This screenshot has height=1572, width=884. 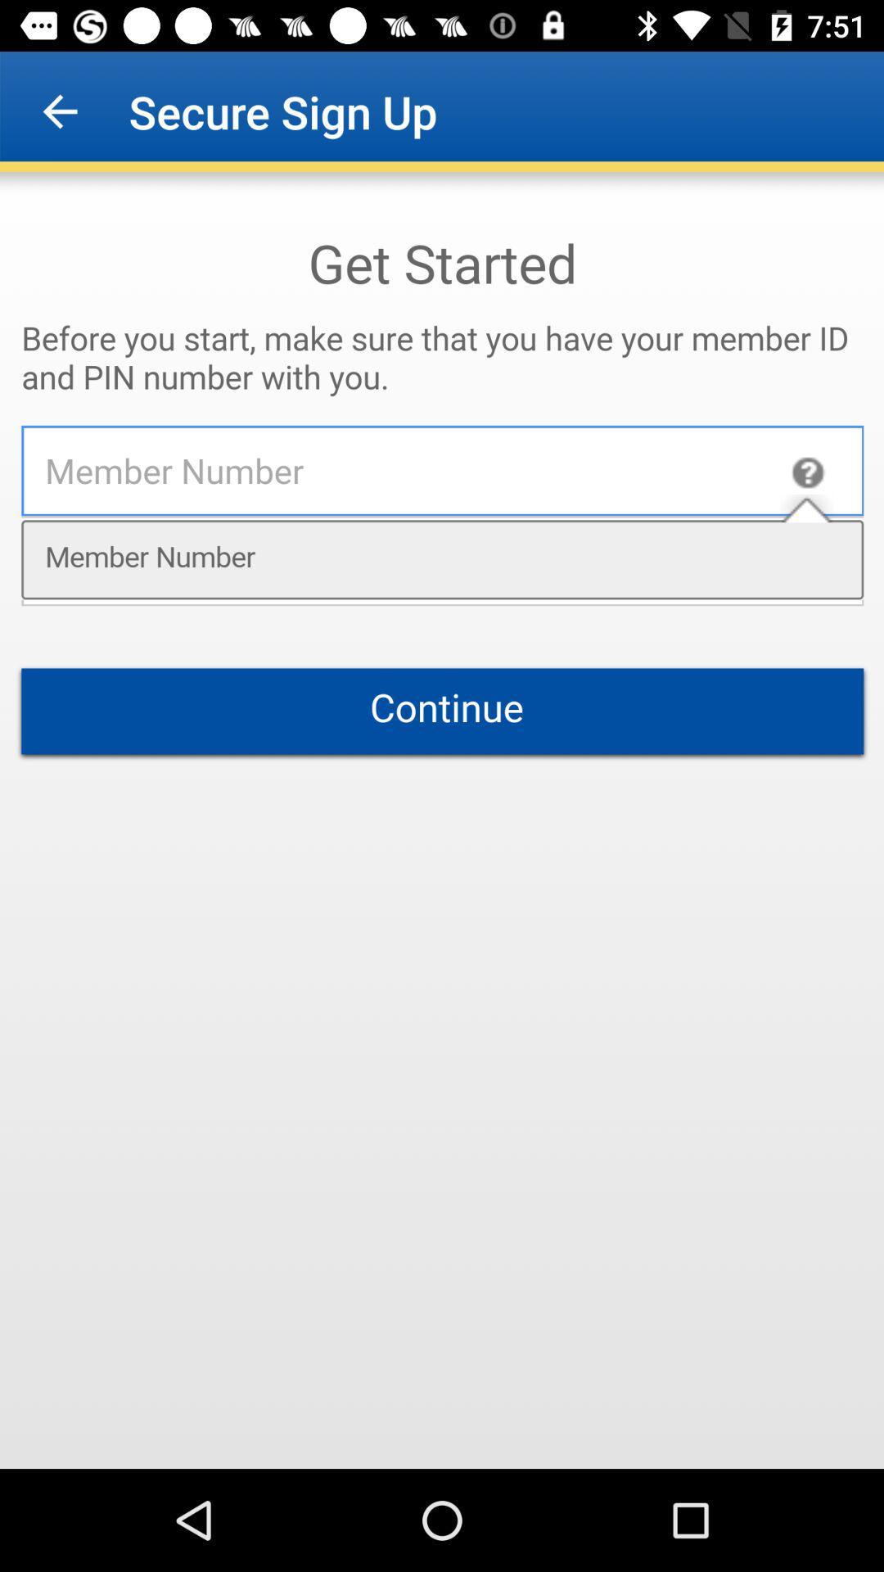 I want to click on fill out information, so click(x=442, y=820).